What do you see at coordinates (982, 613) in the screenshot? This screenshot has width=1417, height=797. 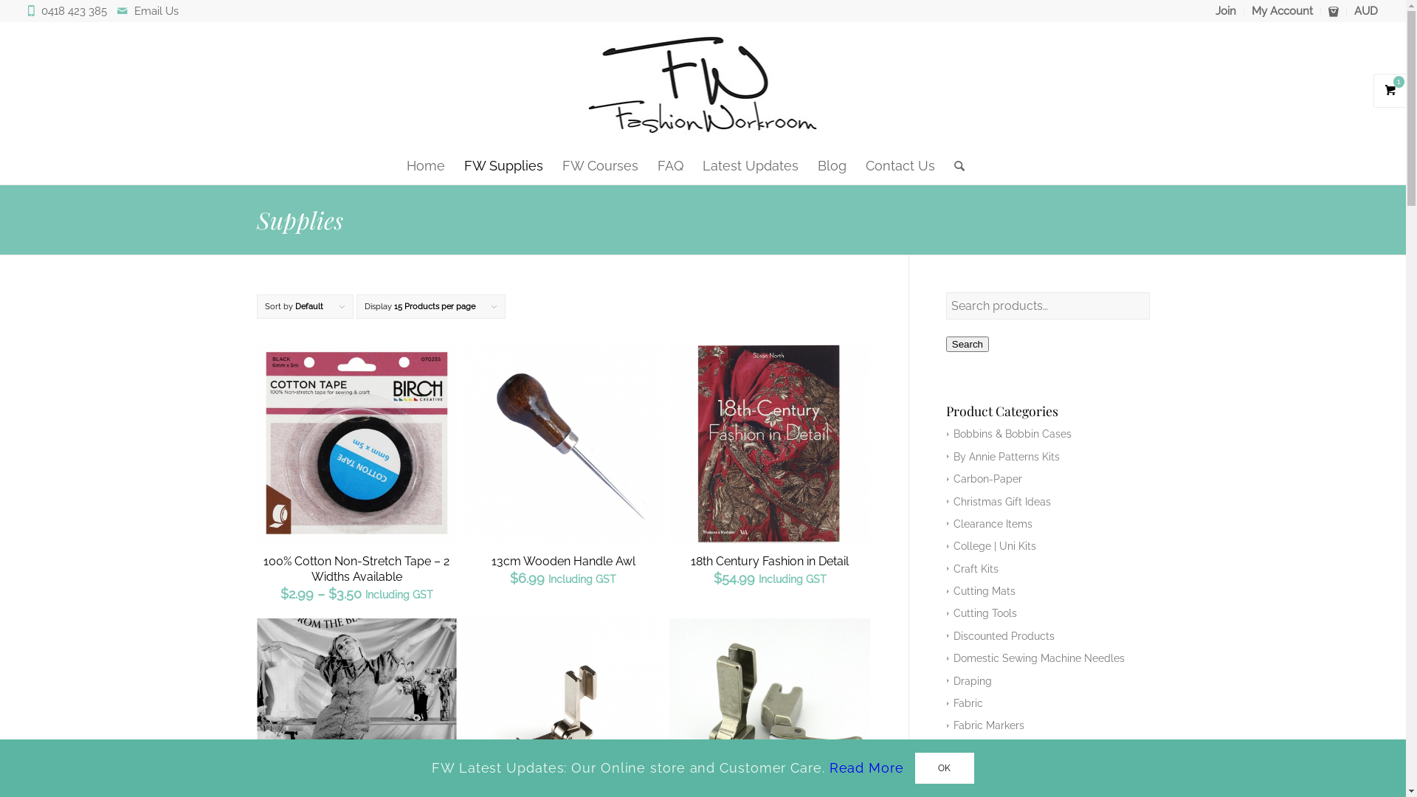 I see `'Cutting Tools'` at bounding box center [982, 613].